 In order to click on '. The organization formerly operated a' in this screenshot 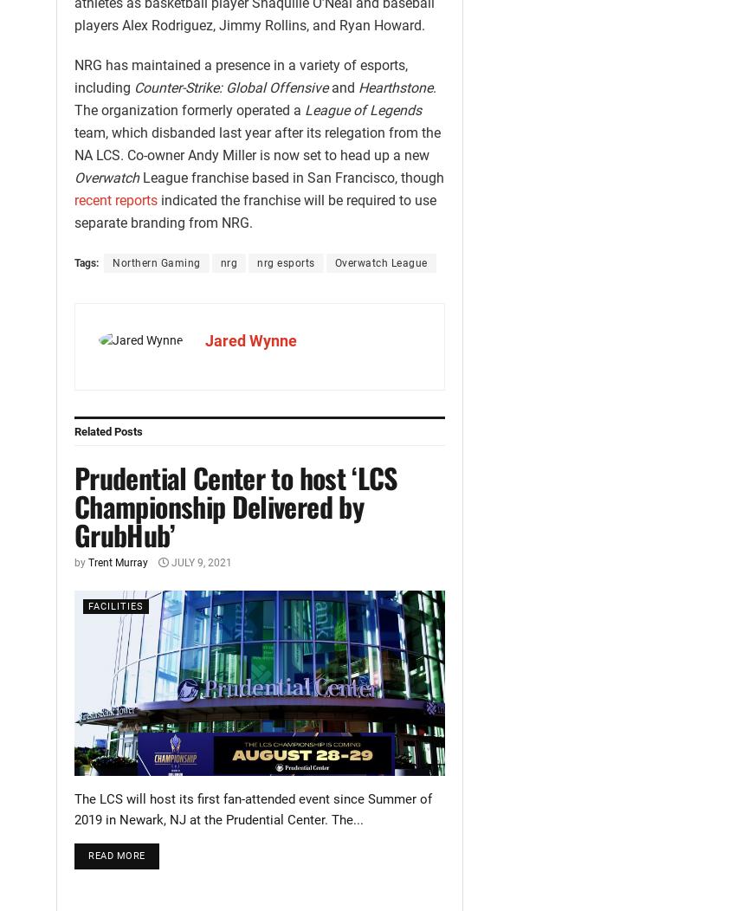, I will do `click(255, 98)`.